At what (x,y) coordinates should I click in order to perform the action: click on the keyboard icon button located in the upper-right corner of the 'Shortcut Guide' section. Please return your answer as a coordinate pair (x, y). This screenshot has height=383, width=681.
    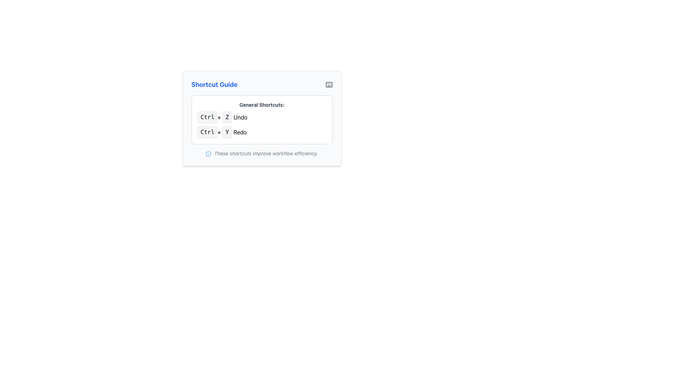
    Looking at the image, I should click on (328, 84).